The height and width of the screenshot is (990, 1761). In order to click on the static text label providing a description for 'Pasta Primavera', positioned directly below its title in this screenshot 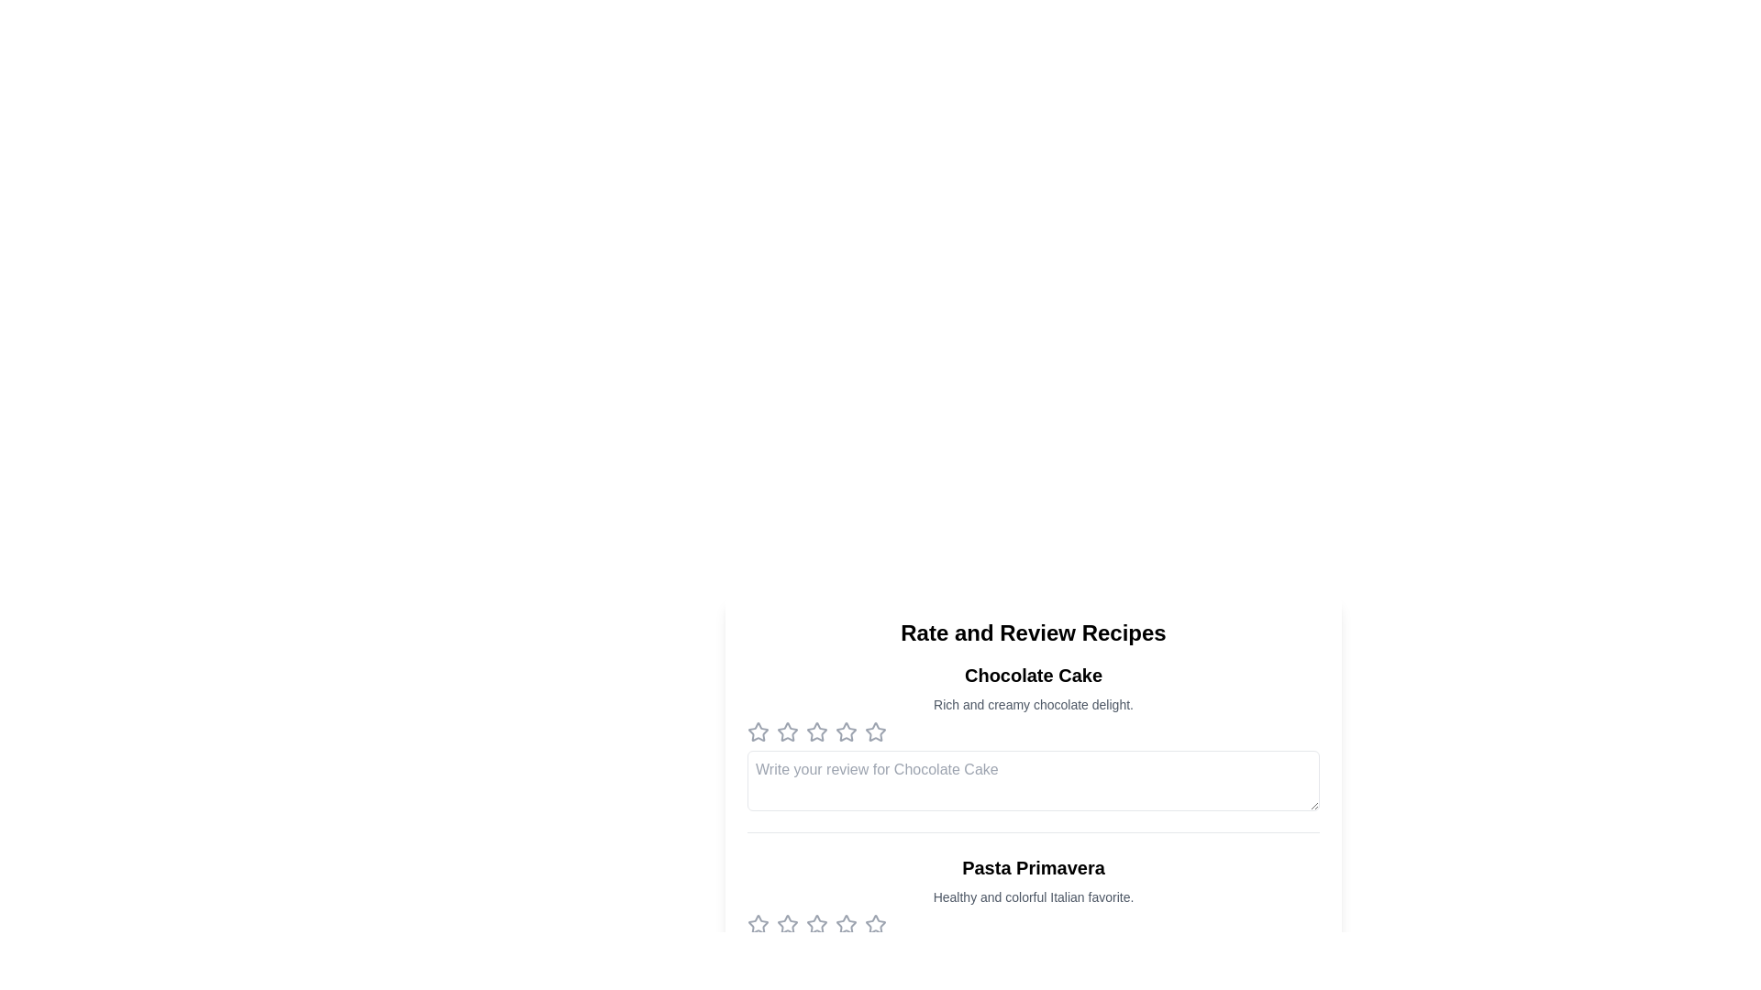, I will do `click(1034, 896)`.